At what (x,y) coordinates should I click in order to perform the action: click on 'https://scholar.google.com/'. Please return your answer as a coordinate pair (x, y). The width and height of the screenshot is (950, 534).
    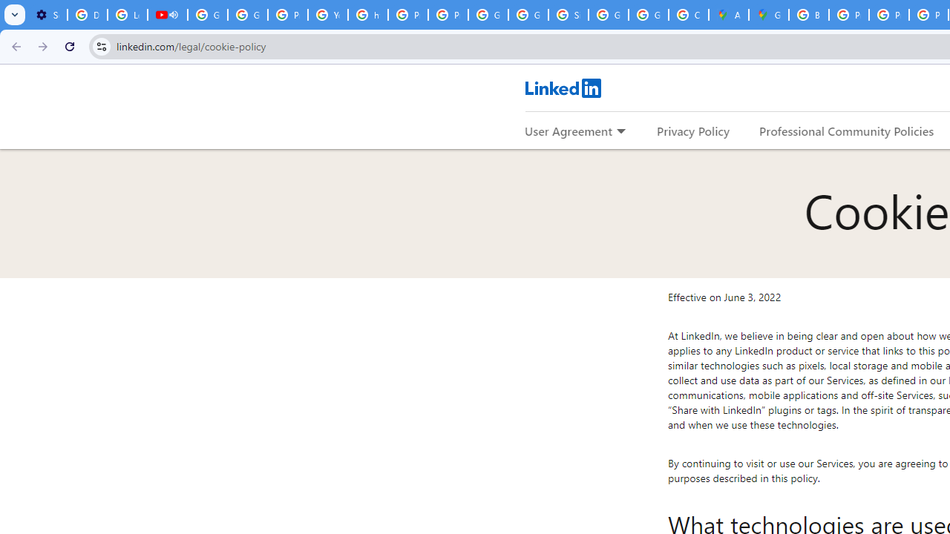
    Looking at the image, I should click on (368, 15).